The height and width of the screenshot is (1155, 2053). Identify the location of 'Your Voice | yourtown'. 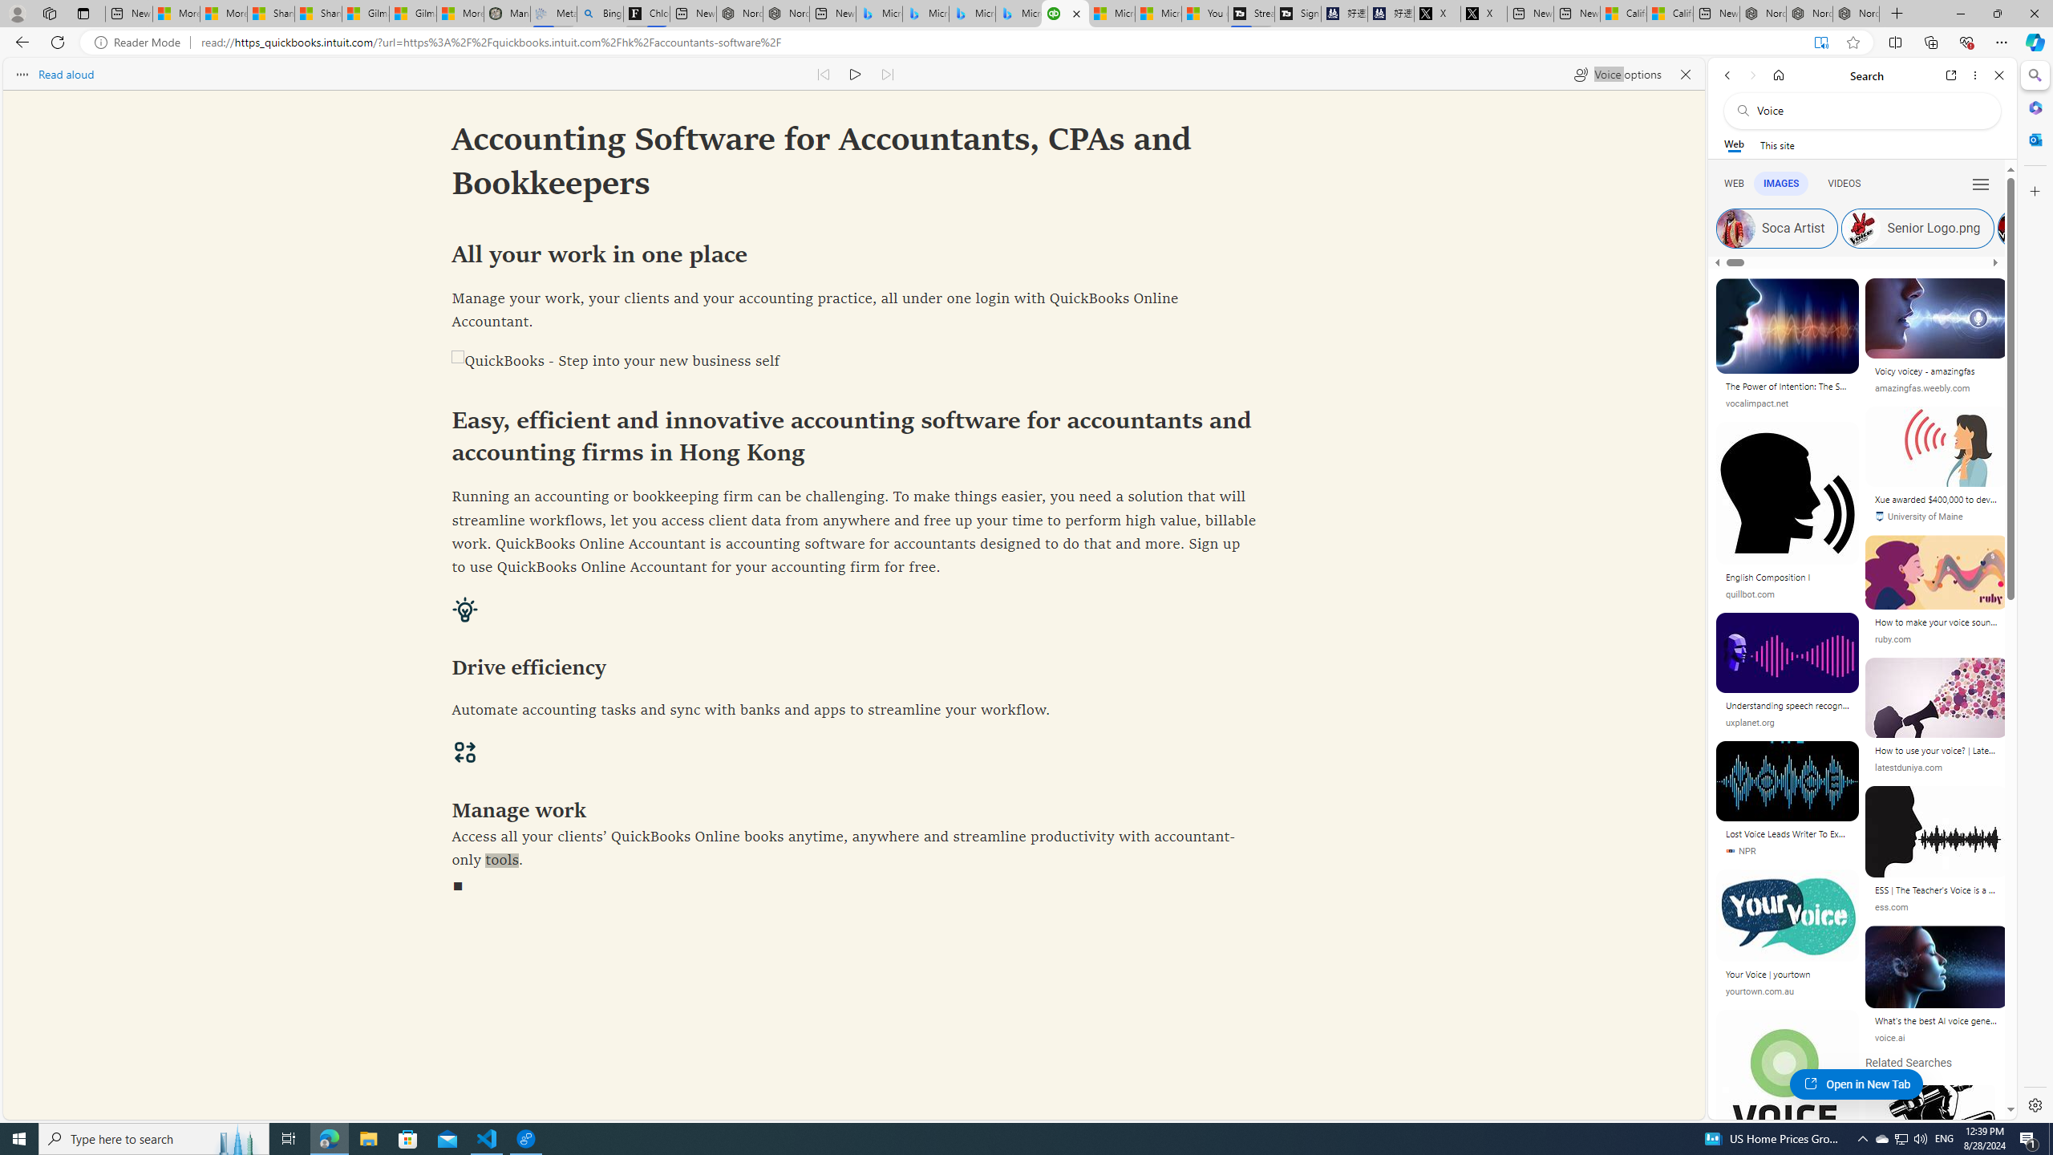
(1788, 974).